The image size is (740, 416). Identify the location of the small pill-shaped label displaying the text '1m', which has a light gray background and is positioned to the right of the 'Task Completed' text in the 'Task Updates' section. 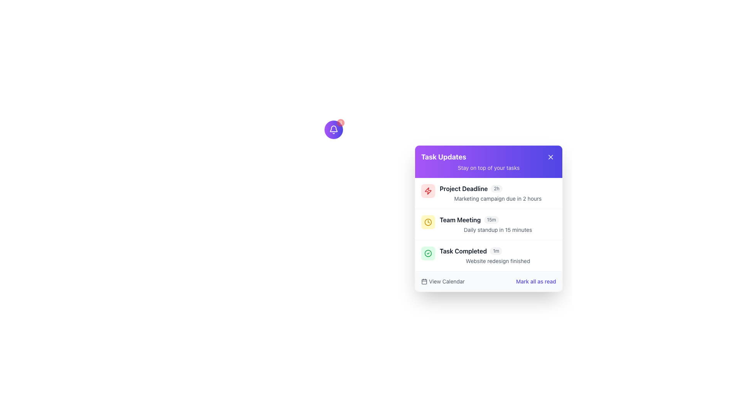
(496, 251).